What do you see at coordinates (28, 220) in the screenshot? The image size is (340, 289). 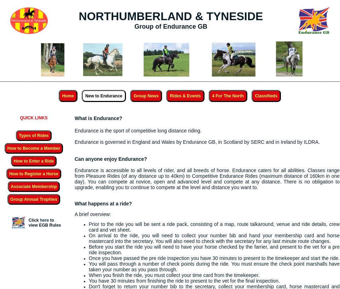 I see `'Click'` at bounding box center [28, 220].